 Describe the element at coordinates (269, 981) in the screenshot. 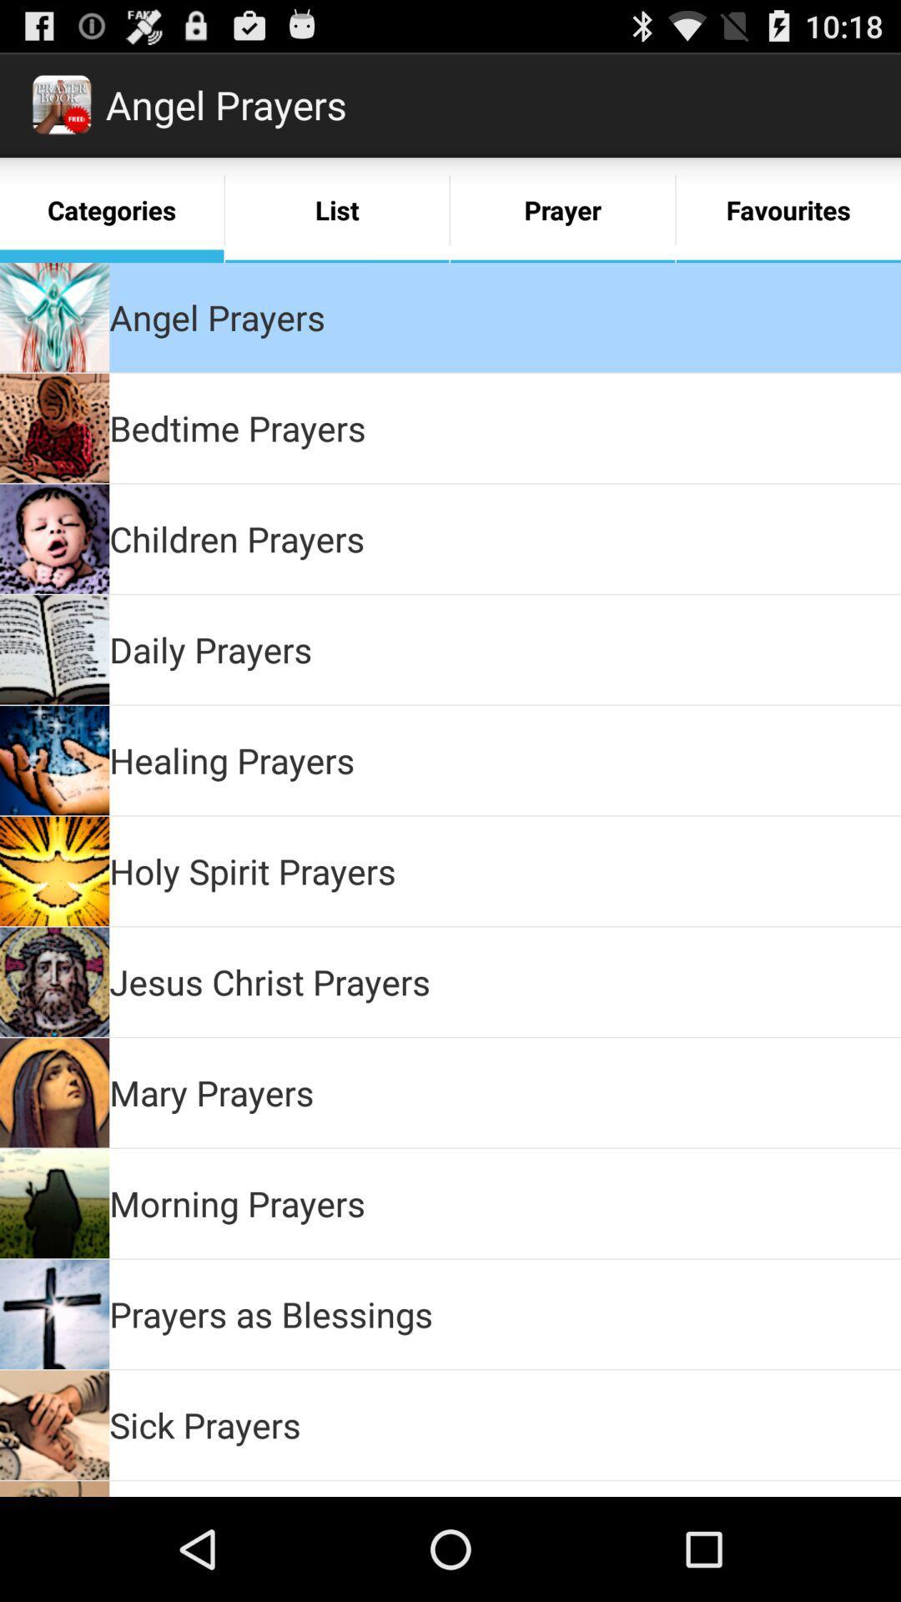

I see `the jesus christ prayers icon` at that location.